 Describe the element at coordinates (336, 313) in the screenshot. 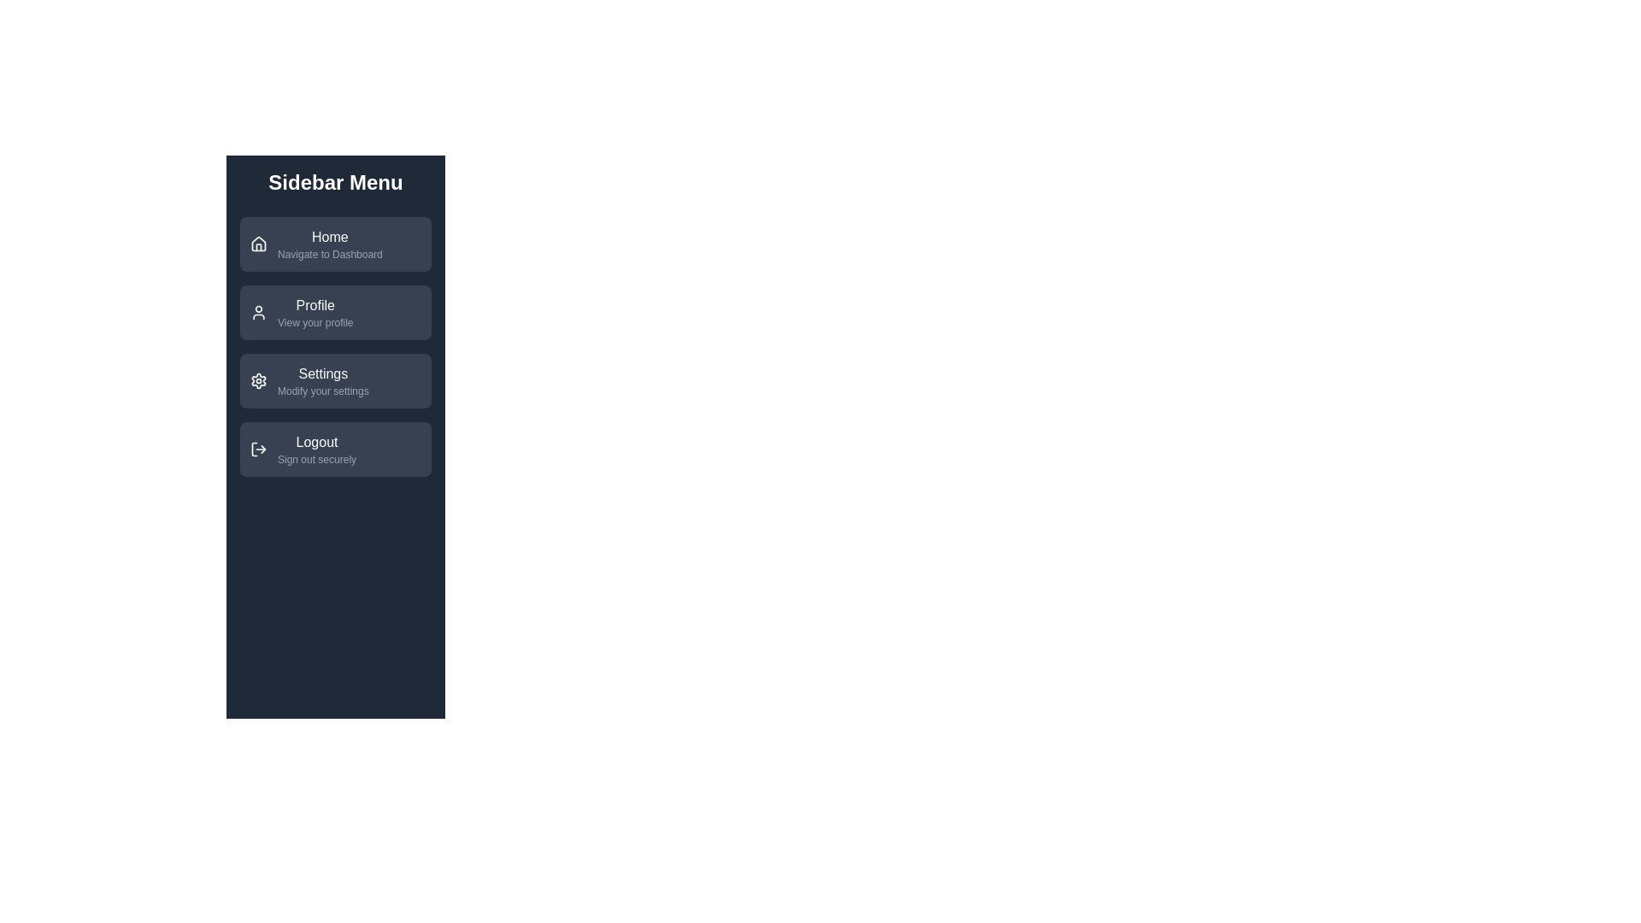

I see `the menu item labeled 'Profile' to view its description` at that location.